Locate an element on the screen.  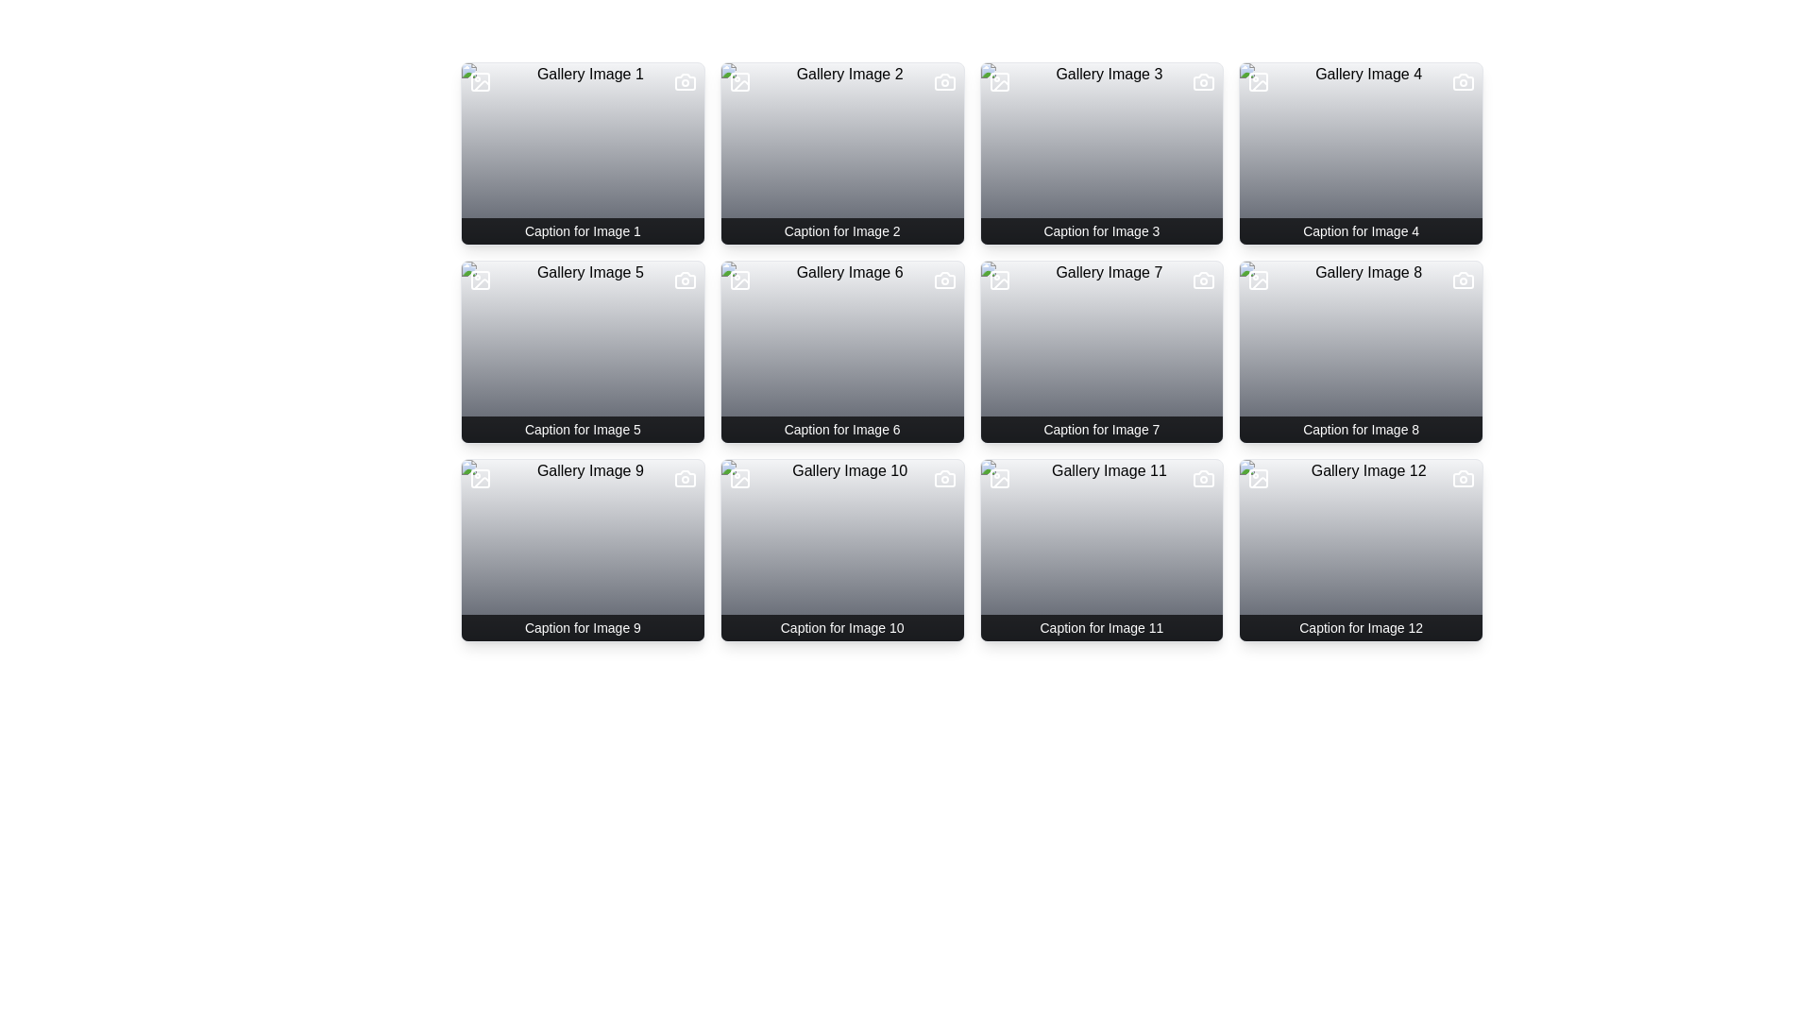
the Image icon located at the top-left corner of the card labeled 'Caption for Image 6', which is positioned in the second row, second column of the grid is located at coordinates (738, 280).